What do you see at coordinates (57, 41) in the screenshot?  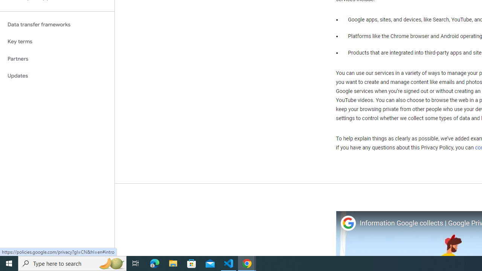 I see `'Key terms'` at bounding box center [57, 41].